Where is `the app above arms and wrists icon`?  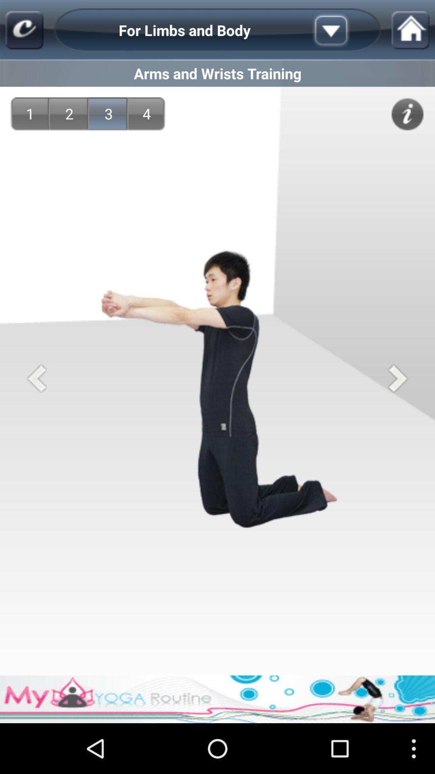 the app above arms and wrists icon is located at coordinates (24, 30).